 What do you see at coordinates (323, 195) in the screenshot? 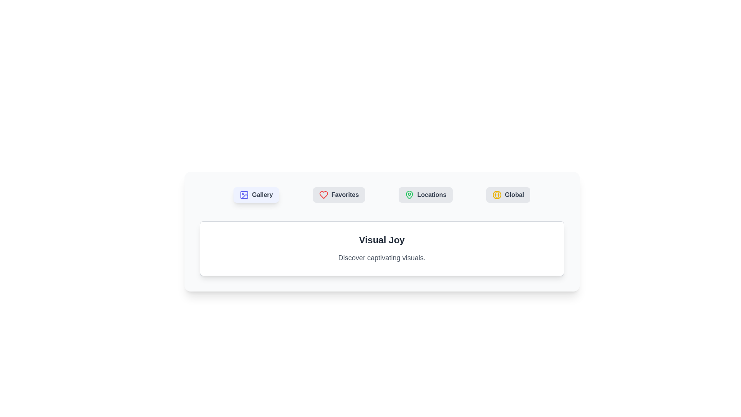
I see `the icon of the button labeled Favorites` at bounding box center [323, 195].